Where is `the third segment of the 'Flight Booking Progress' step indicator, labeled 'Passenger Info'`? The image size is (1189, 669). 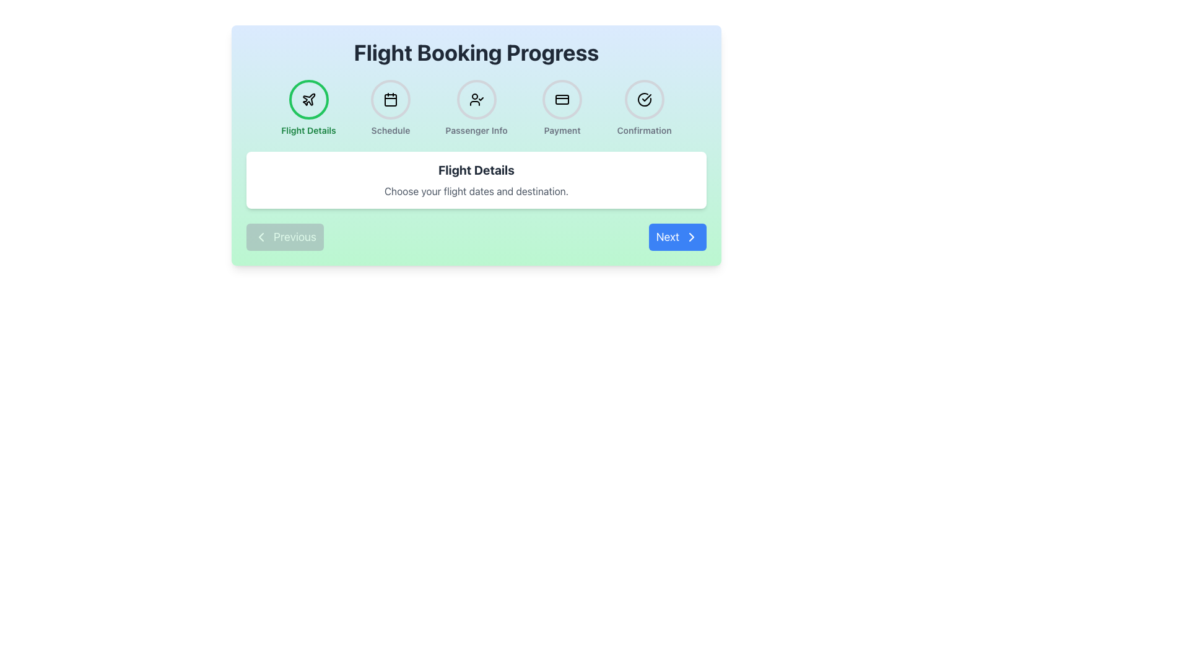
the third segment of the 'Flight Booking Progress' step indicator, labeled 'Passenger Info' is located at coordinates (476, 107).